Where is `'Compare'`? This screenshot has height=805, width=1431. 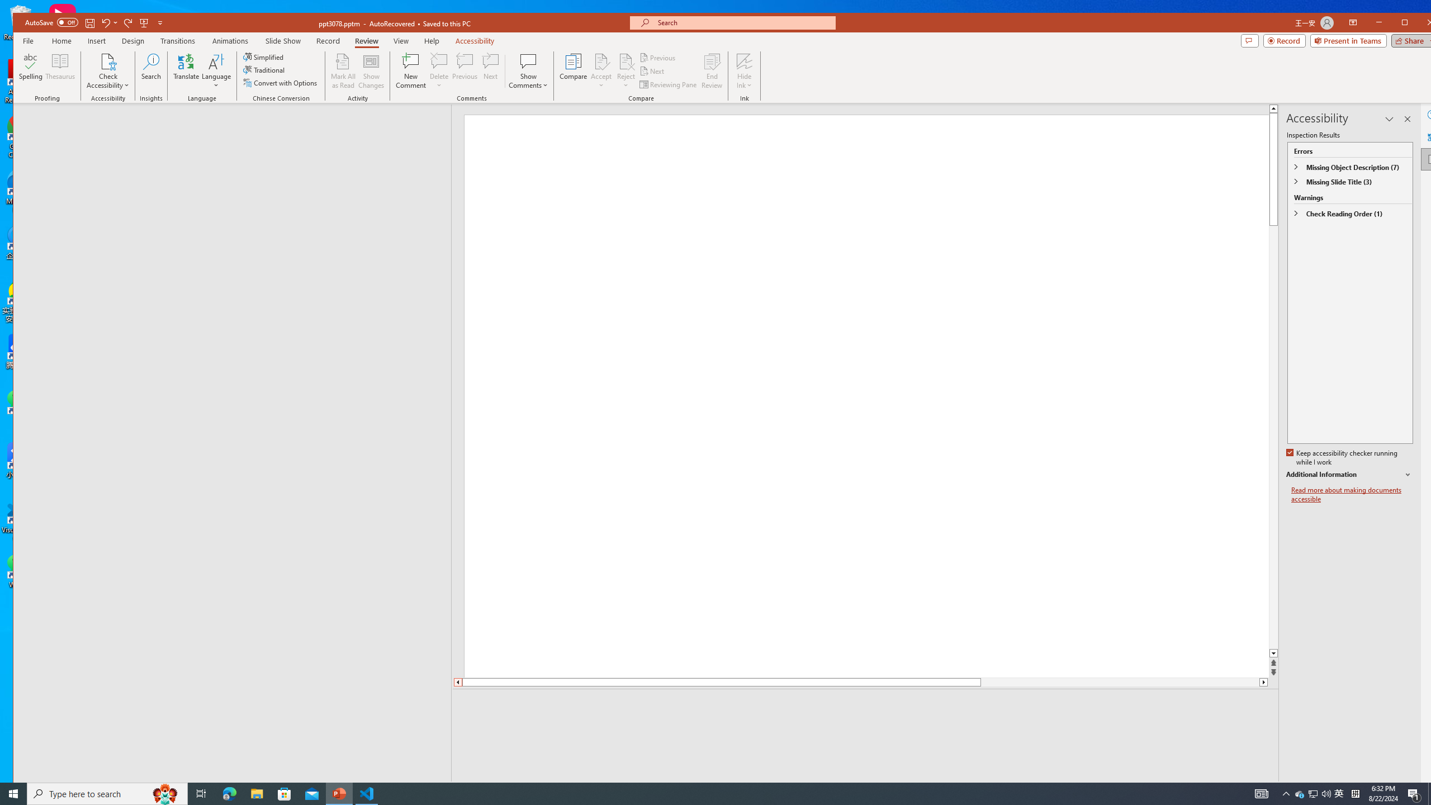
'Compare' is located at coordinates (572, 70).